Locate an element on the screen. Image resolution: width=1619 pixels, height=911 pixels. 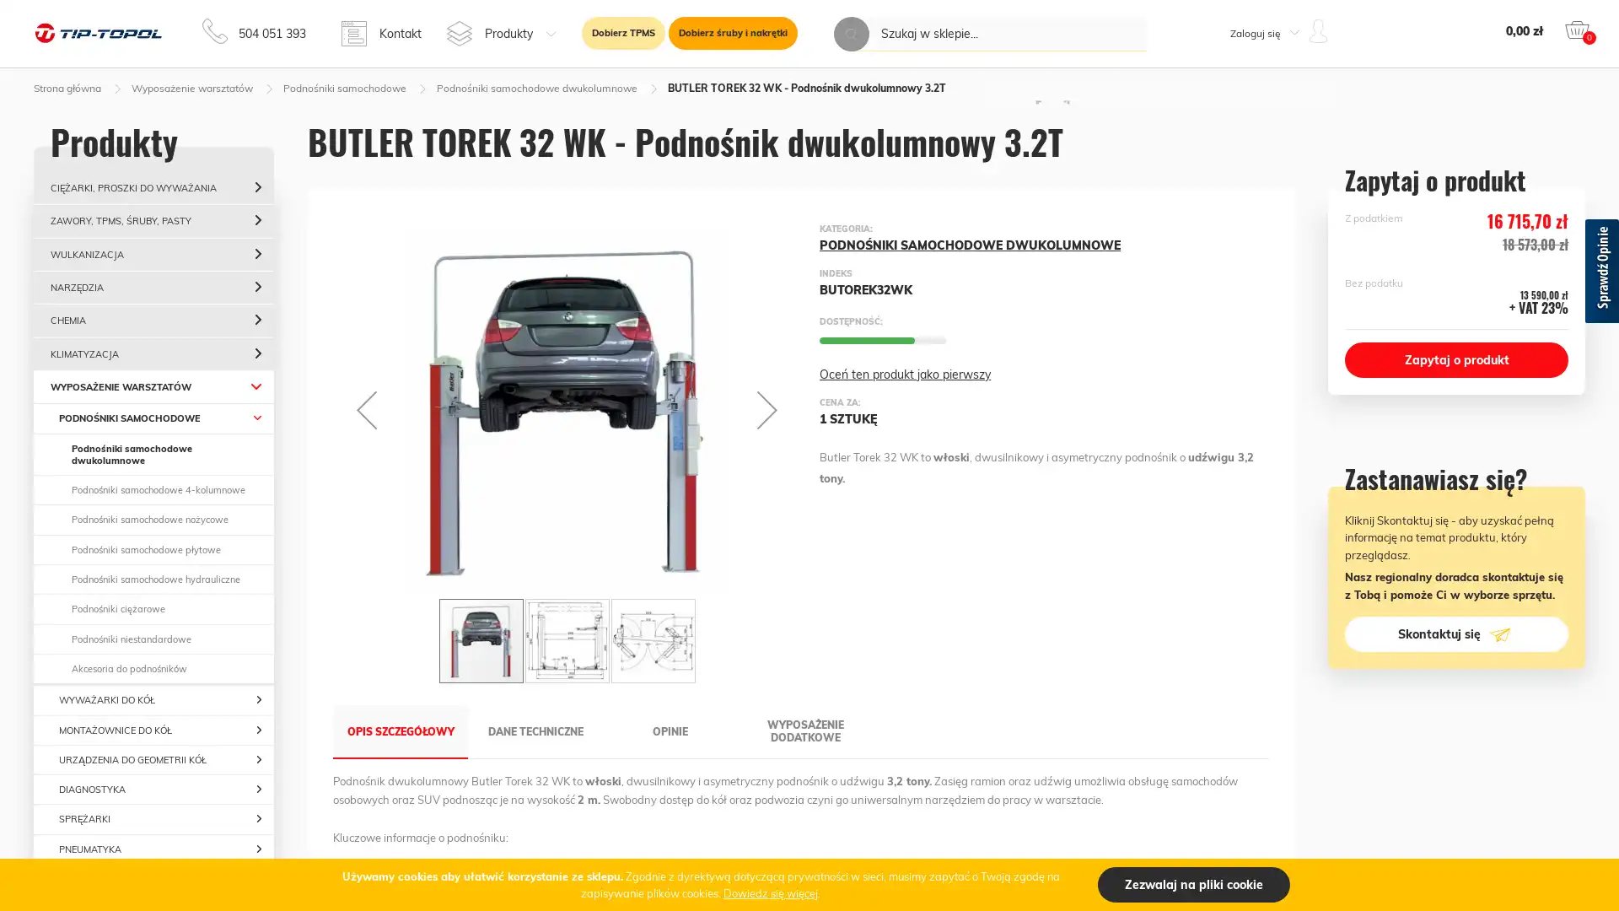
Next is located at coordinates (766, 409).